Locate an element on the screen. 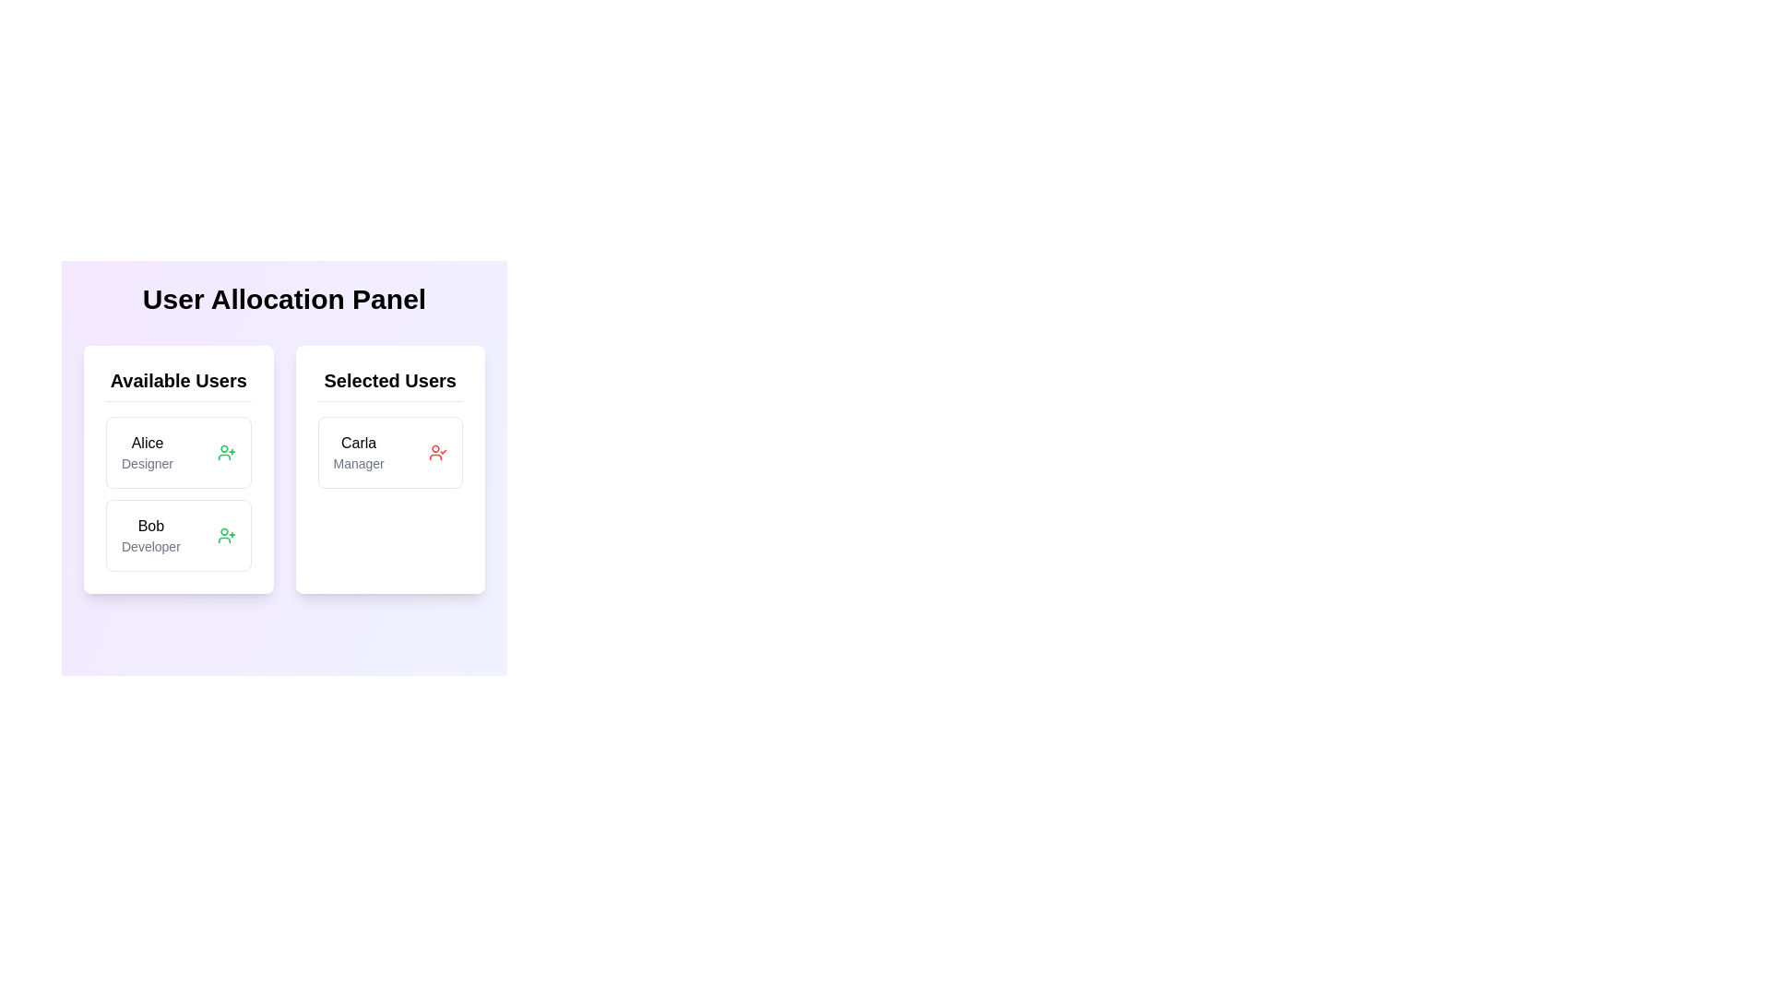 The height and width of the screenshot is (996, 1771). the text label 'Bob' located in the 'Available Users' column of the 'User Allocation Panel', positioned above 'Developer' and aligned with the user icon is located at coordinates (150, 526).